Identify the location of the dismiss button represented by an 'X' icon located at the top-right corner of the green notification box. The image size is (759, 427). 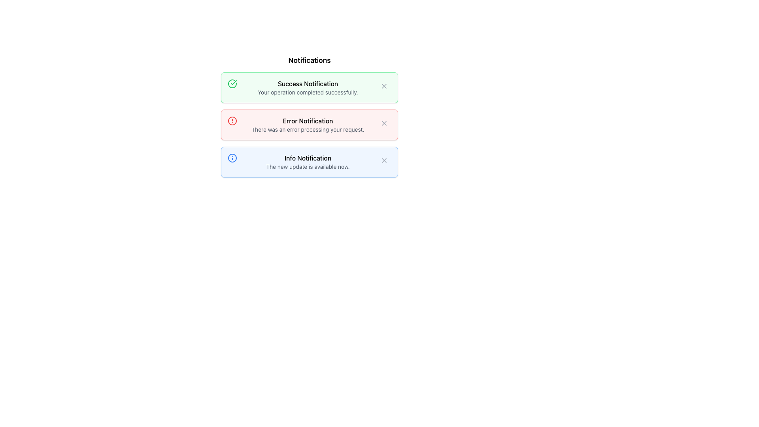
(384, 86).